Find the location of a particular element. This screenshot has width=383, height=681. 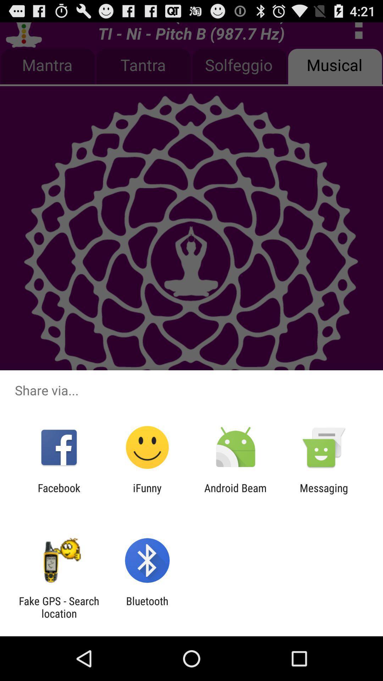

the messaging item is located at coordinates (324, 494).